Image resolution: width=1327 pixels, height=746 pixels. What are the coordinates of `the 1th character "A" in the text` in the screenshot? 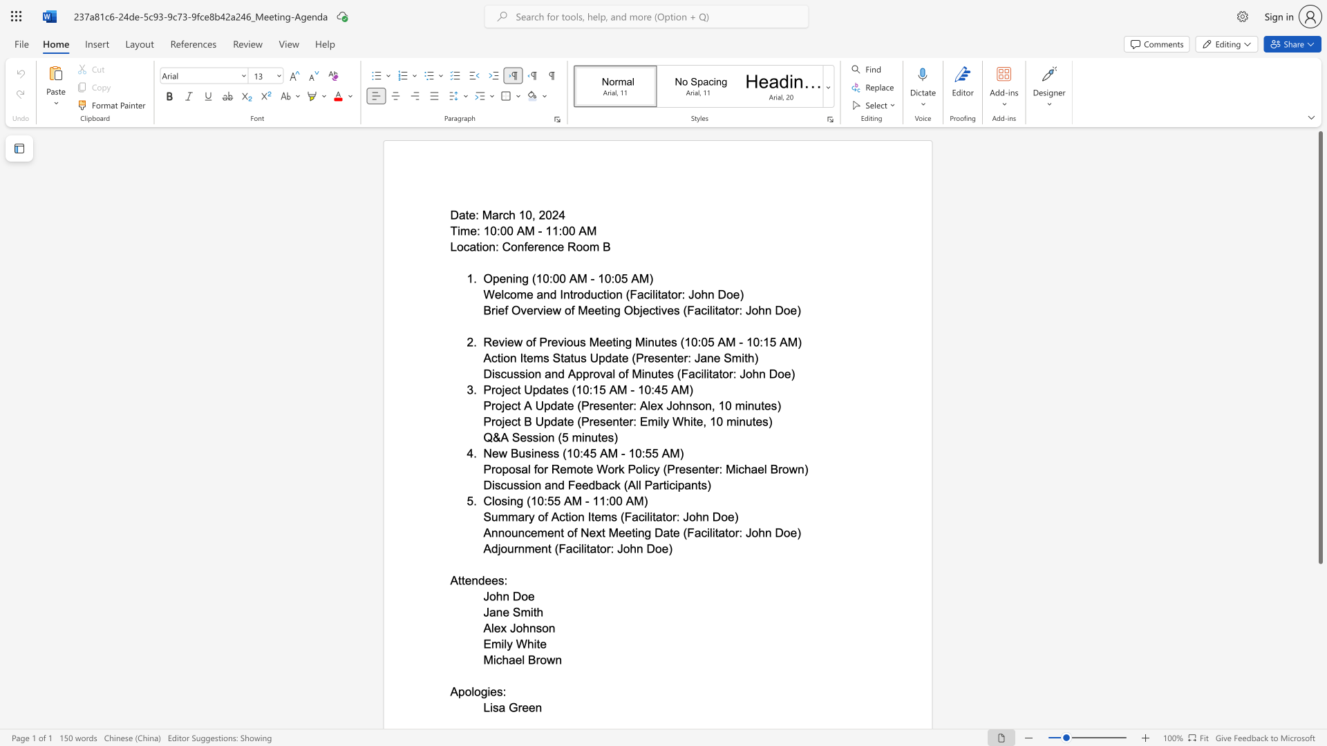 It's located at (487, 628).